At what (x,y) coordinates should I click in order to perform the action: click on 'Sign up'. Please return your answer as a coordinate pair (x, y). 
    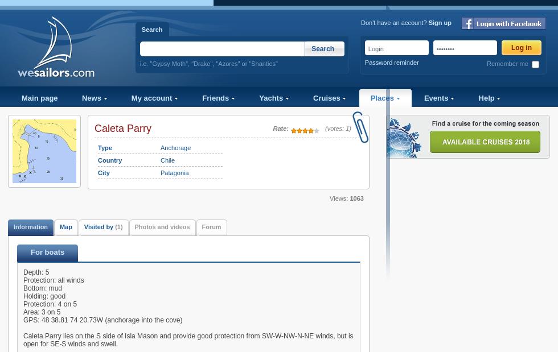
    Looking at the image, I should click on (440, 22).